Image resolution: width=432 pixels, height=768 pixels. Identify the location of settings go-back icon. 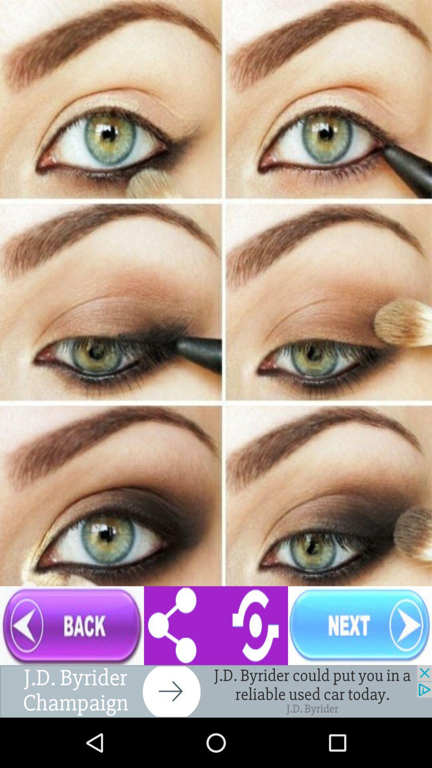
(216, 625).